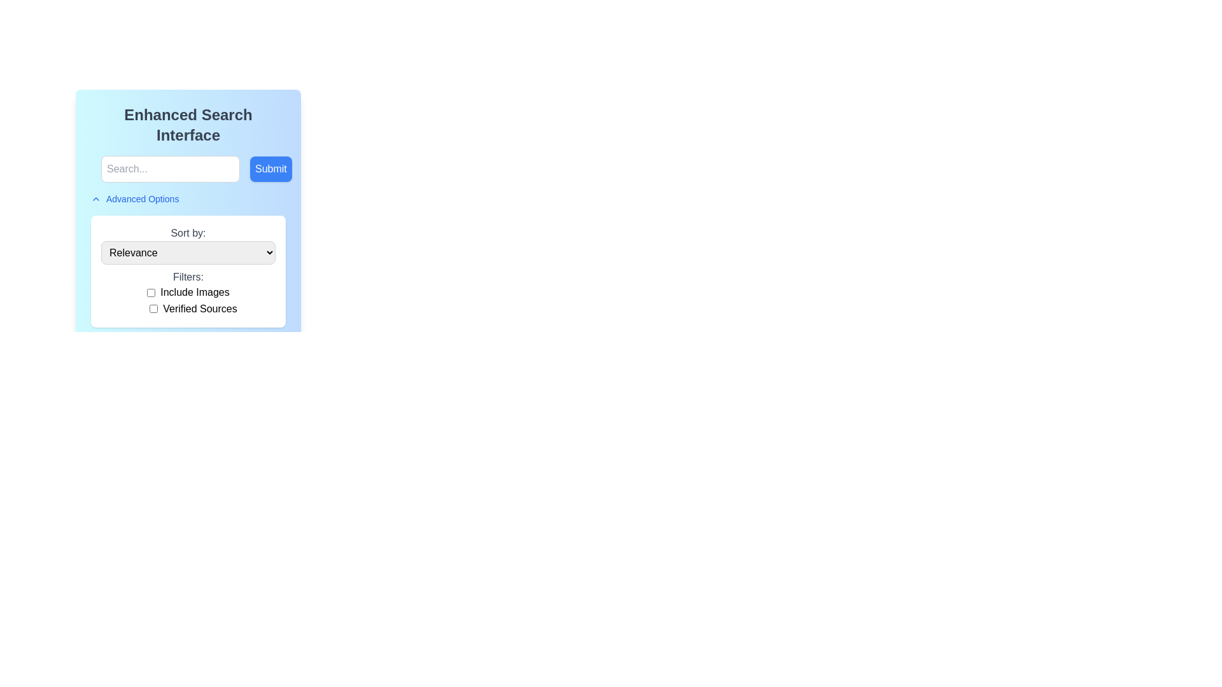  What do you see at coordinates (135, 198) in the screenshot?
I see `the 'Advanced Options' interactive hyperlink using keyboard navigation` at bounding box center [135, 198].